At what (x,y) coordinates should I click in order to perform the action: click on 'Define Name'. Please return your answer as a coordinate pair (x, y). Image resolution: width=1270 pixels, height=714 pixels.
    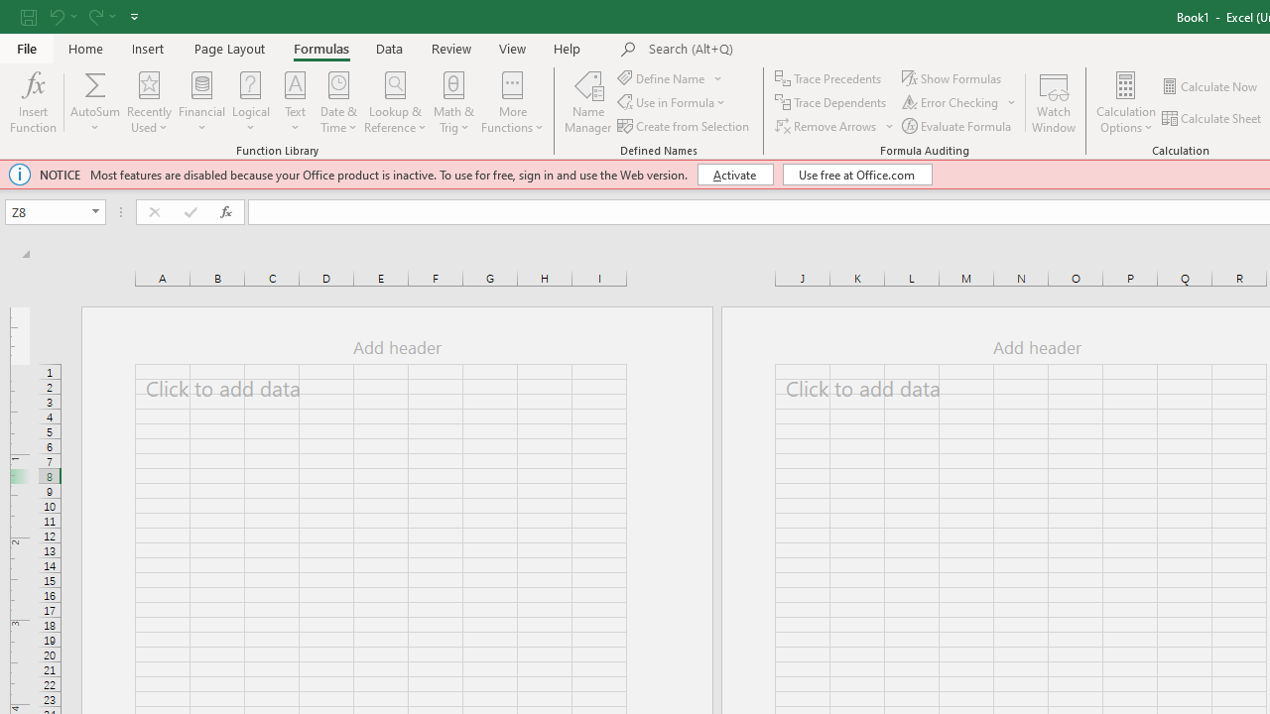
    Looking at the image, I should click on (671, 77).